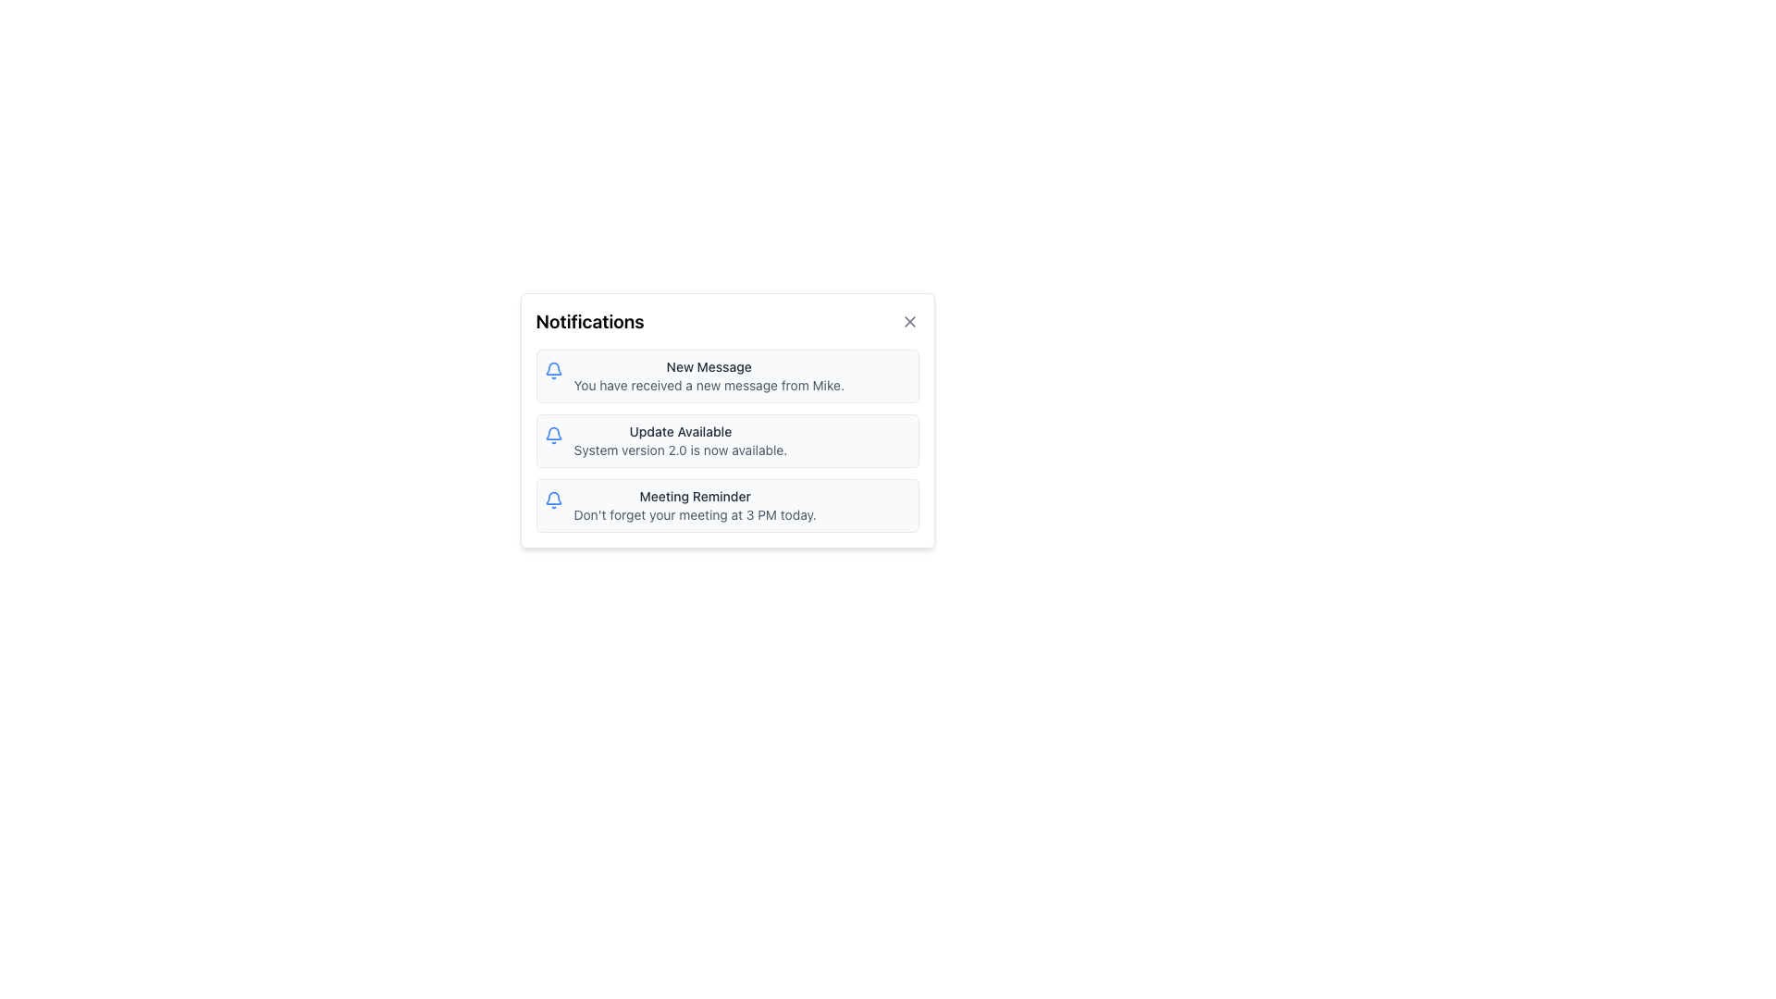 The height and width of the screenshot is (999, 1776). I want to click on the 'Meeting Reminder' notification card, which is the third card in the list, featuring a light gray background and a blue bell icon, so click(726, 506).